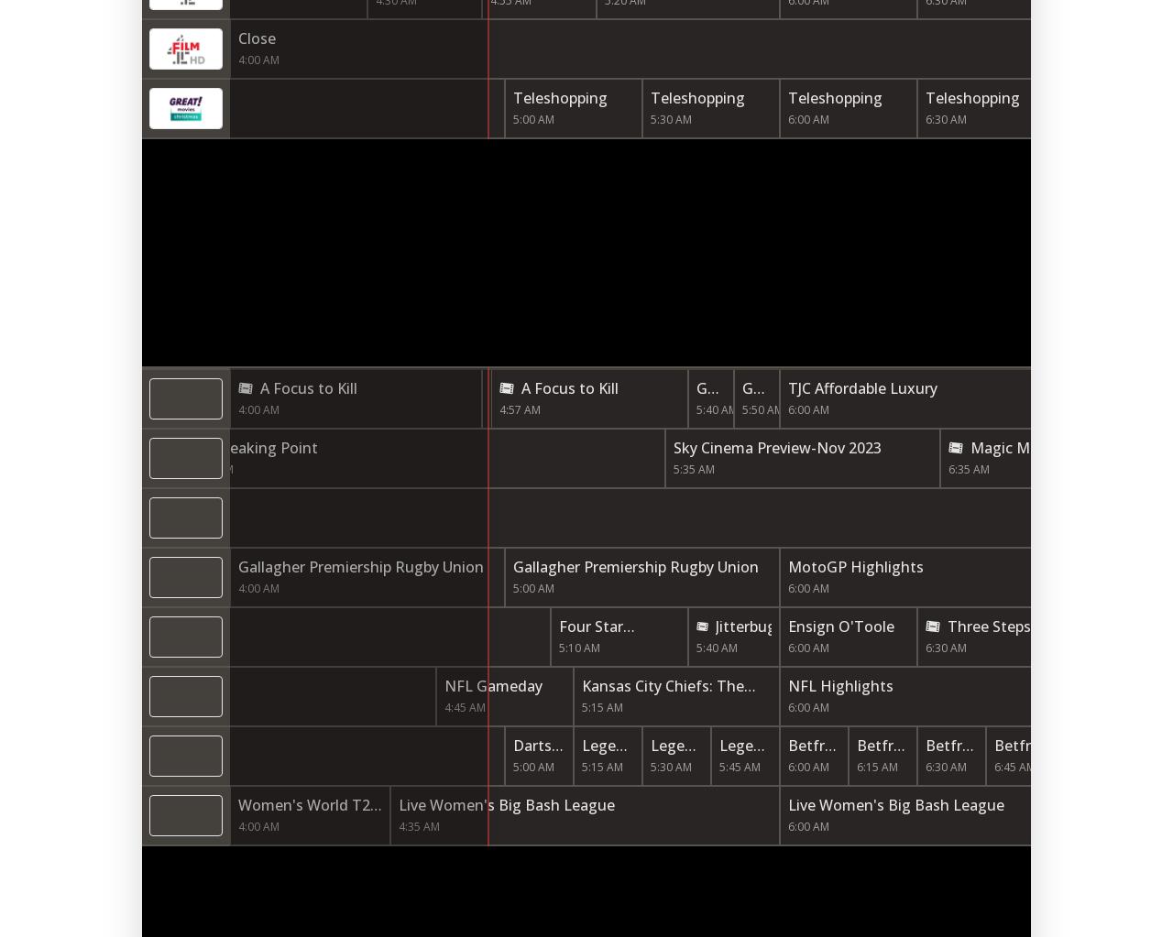 The width and height of the screenshot is (1173, 937). What do you see at coordinates (236, 38) in the screenshot?
I see `'Close'` at bounding box center [236, 38].